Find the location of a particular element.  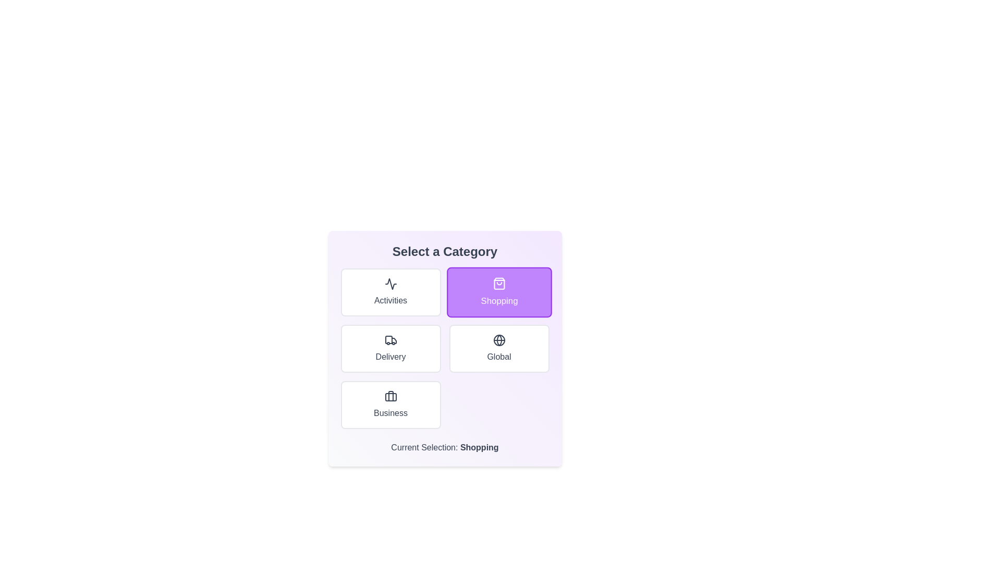

the 'Current Selection: Shopping' label to select its text is located at coordinates (445, 447).